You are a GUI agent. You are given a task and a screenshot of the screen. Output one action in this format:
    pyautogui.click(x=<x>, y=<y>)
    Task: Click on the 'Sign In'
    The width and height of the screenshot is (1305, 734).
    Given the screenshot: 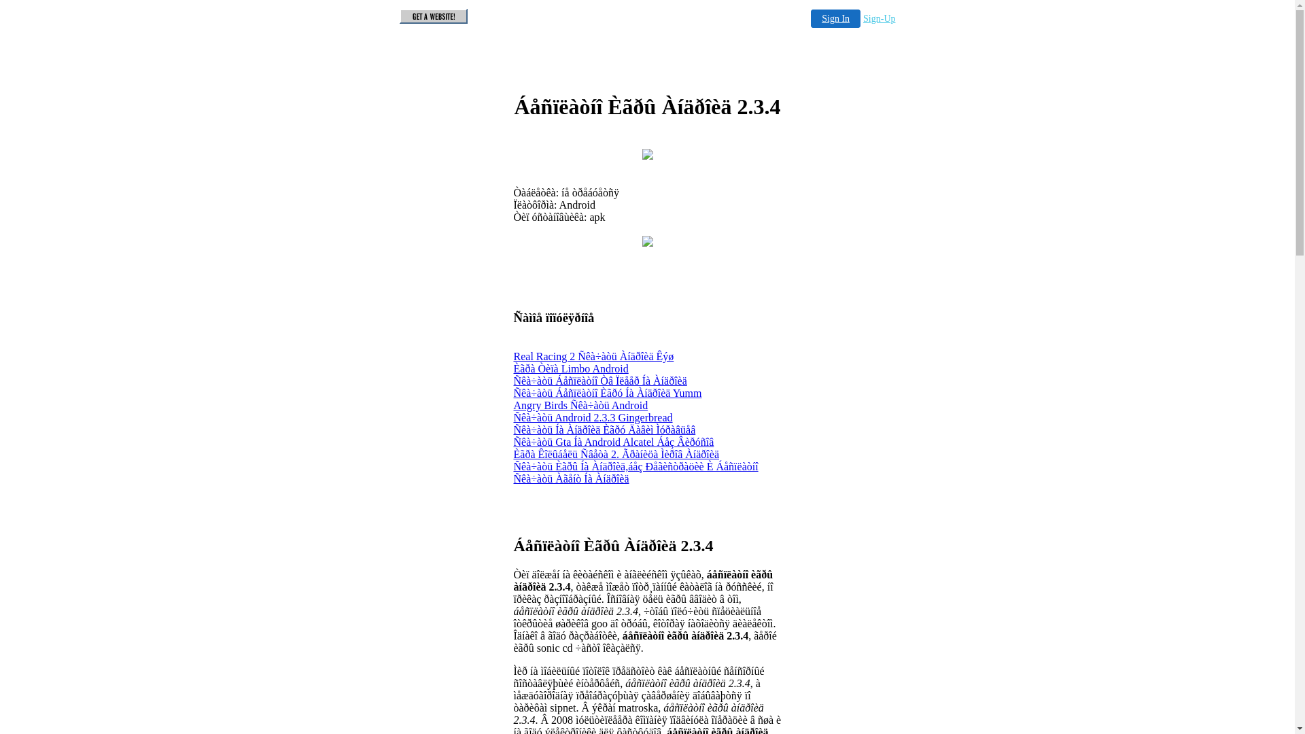 What is the action you would take?
    pyautogui.click(x=835, y=18)
    